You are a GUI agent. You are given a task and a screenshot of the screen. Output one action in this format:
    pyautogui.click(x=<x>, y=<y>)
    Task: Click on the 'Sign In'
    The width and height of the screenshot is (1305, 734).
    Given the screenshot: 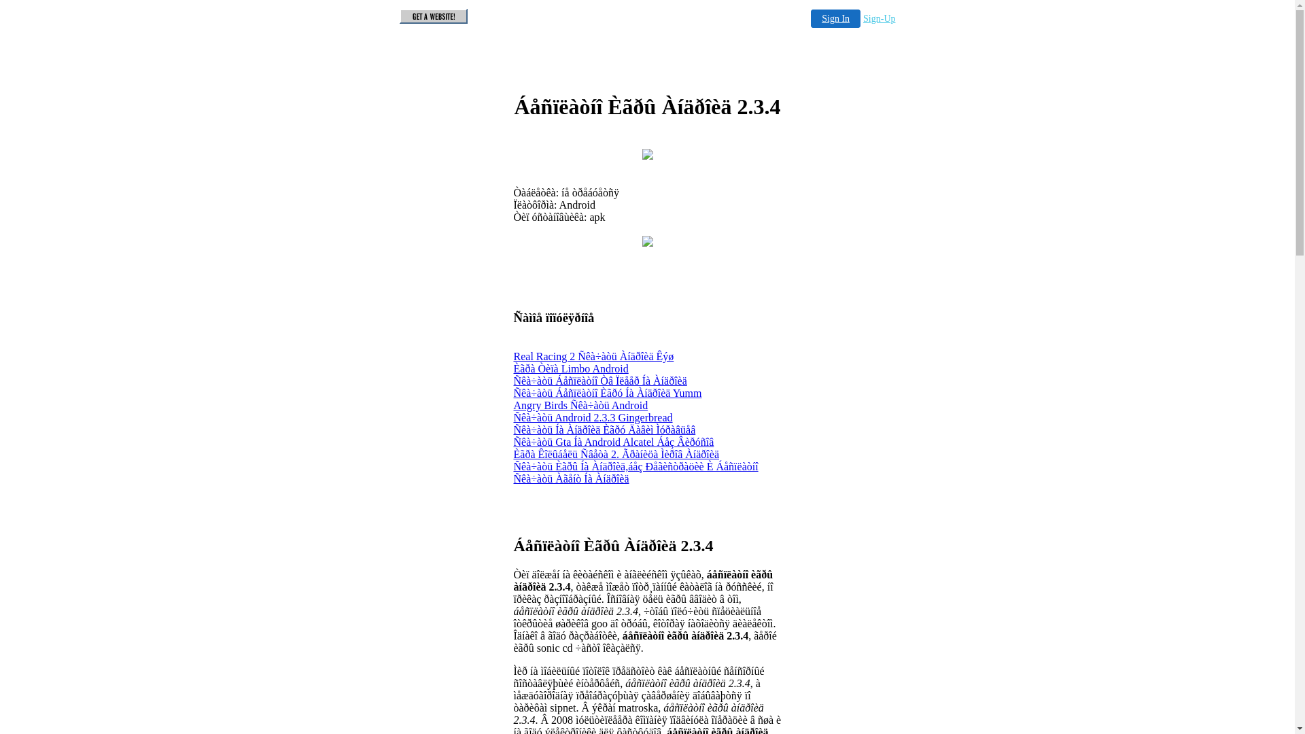 What is the action you would take?
    pyautogui.click(x=835, y=18)
    